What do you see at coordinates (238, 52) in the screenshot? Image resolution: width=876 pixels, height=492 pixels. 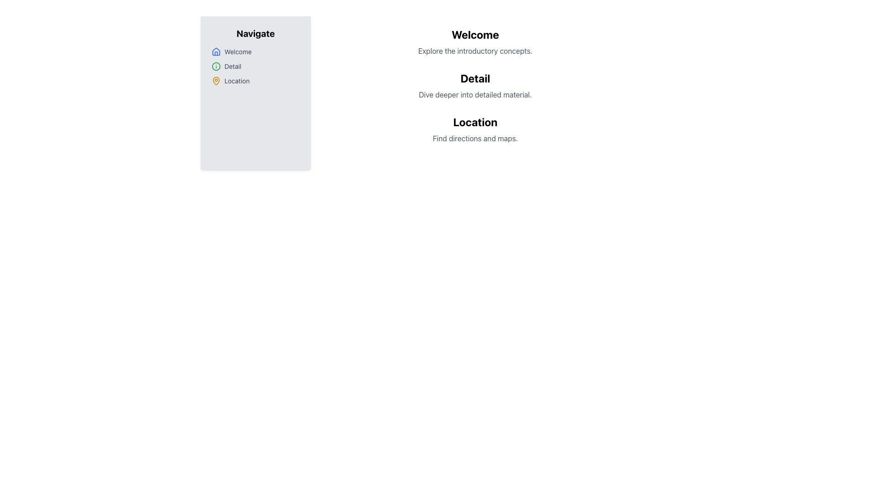 I see `the 'Welcome' text link in the navigation menu` at bounding box center [238, 52].